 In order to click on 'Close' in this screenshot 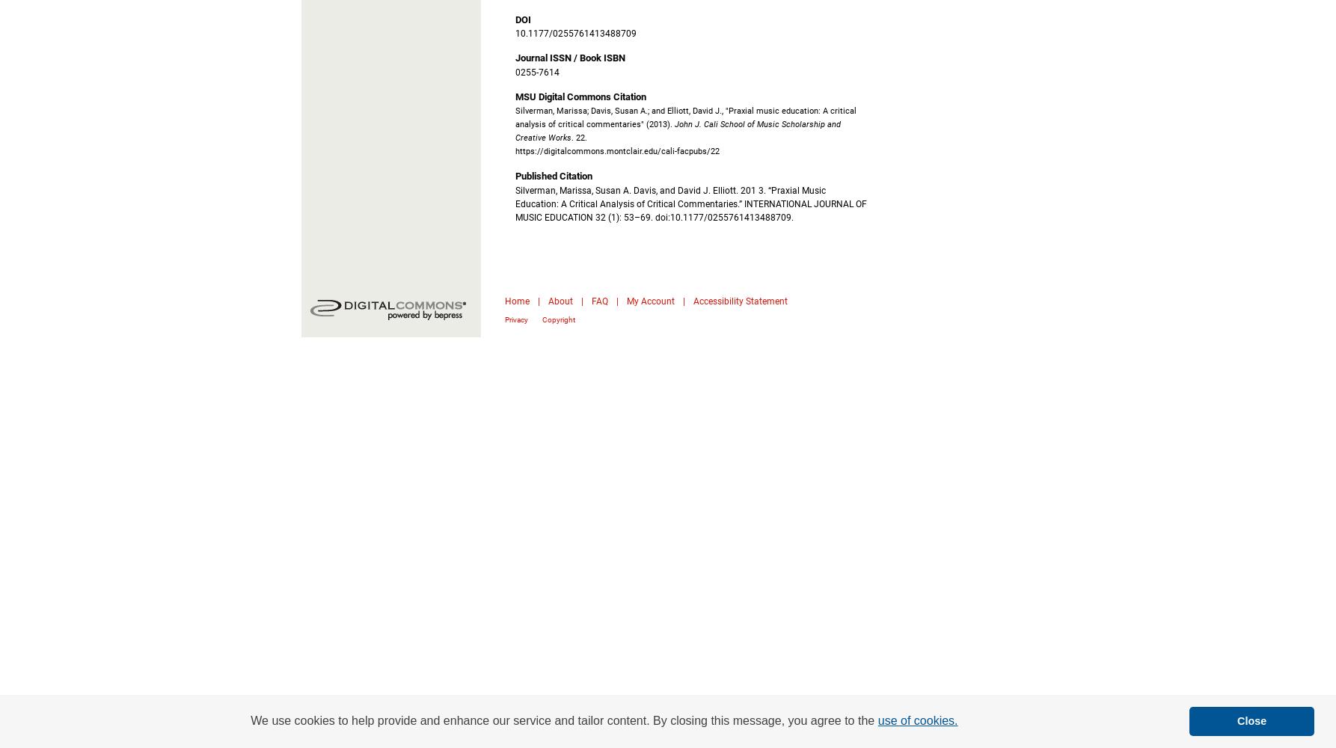, I will do `click(1251, 720)`.